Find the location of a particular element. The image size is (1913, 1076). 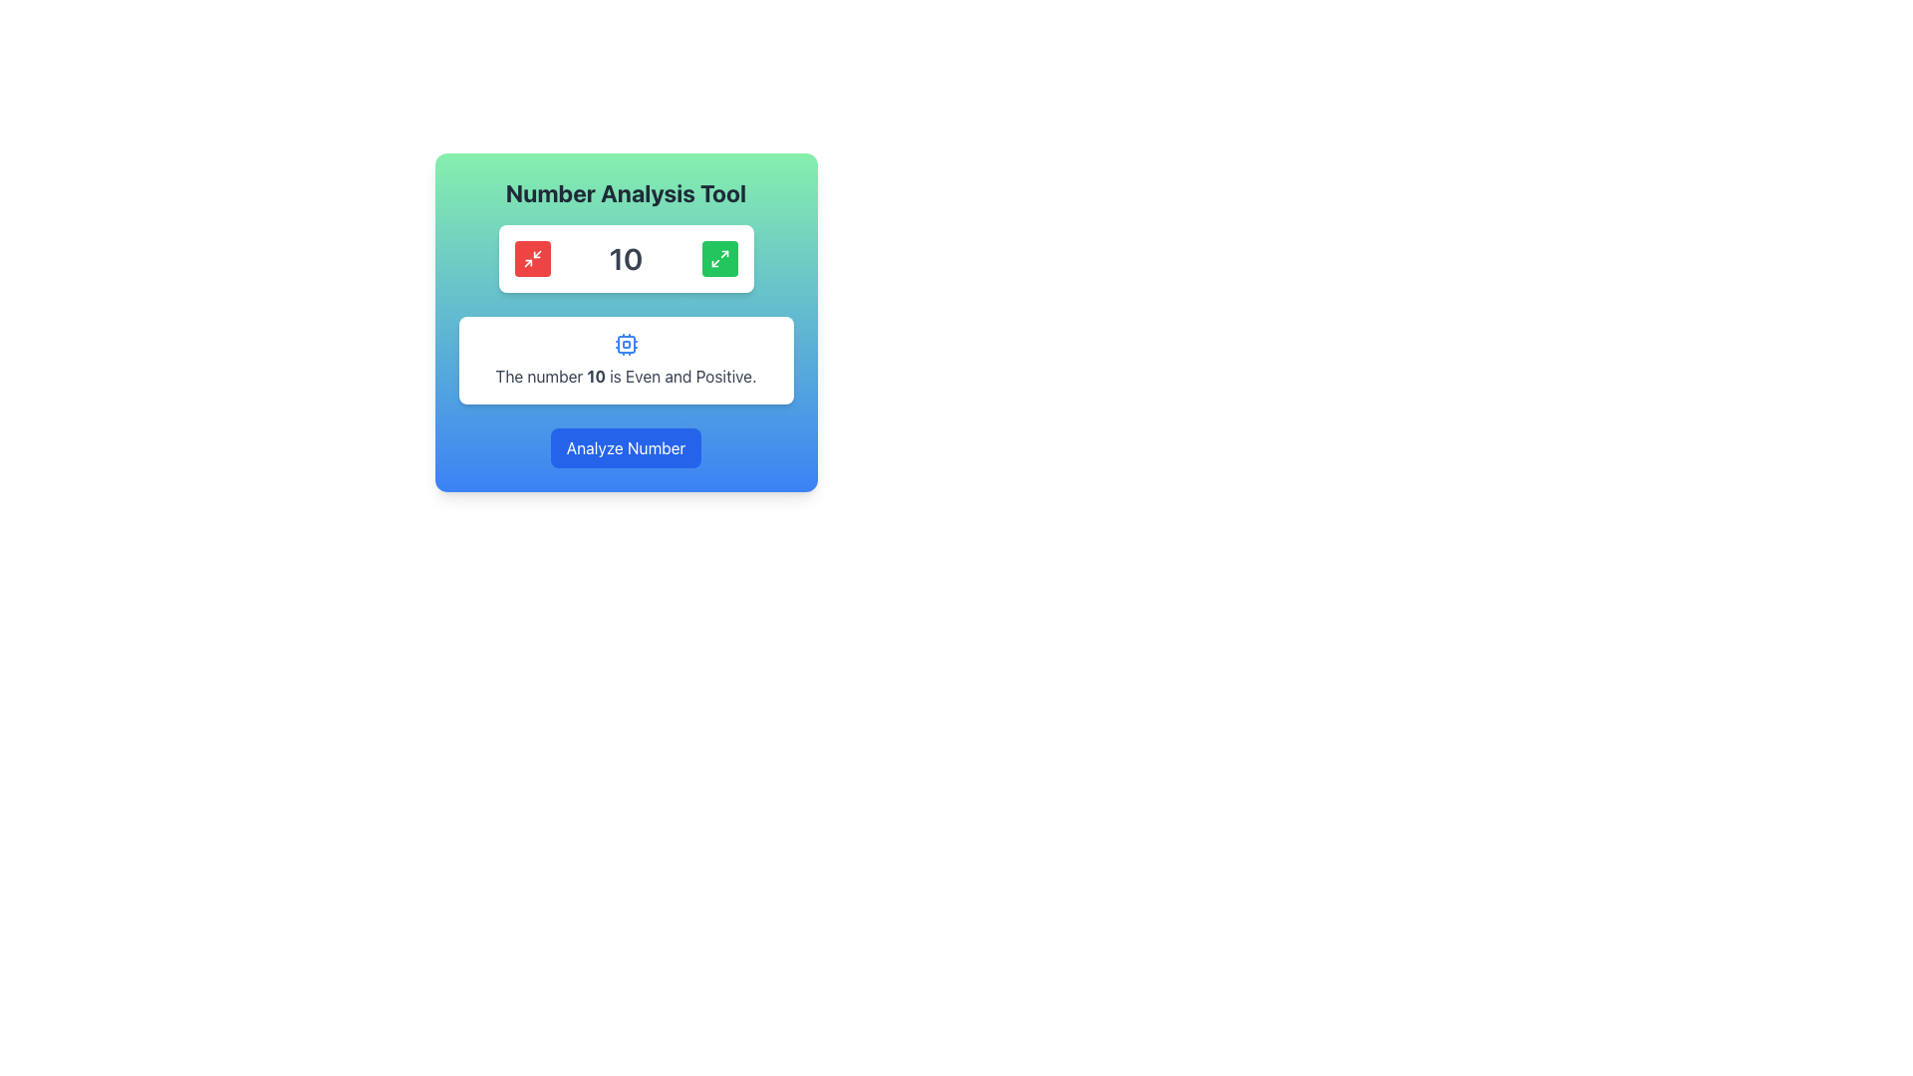

the SVG Rectangle Element that represents the outer square of a CPU icon, located slightly below the header of the 'Number Analysis Tool' is located at coordinates (625, 344).